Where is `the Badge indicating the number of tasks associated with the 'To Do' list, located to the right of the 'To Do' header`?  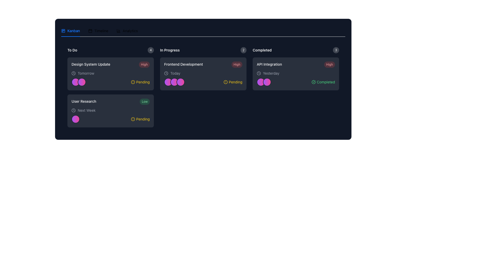 the Badge indicating the number of tasks associated with the 'To Do' list, located to the right of the 'To Do' header is located at coordinates (151, 50).